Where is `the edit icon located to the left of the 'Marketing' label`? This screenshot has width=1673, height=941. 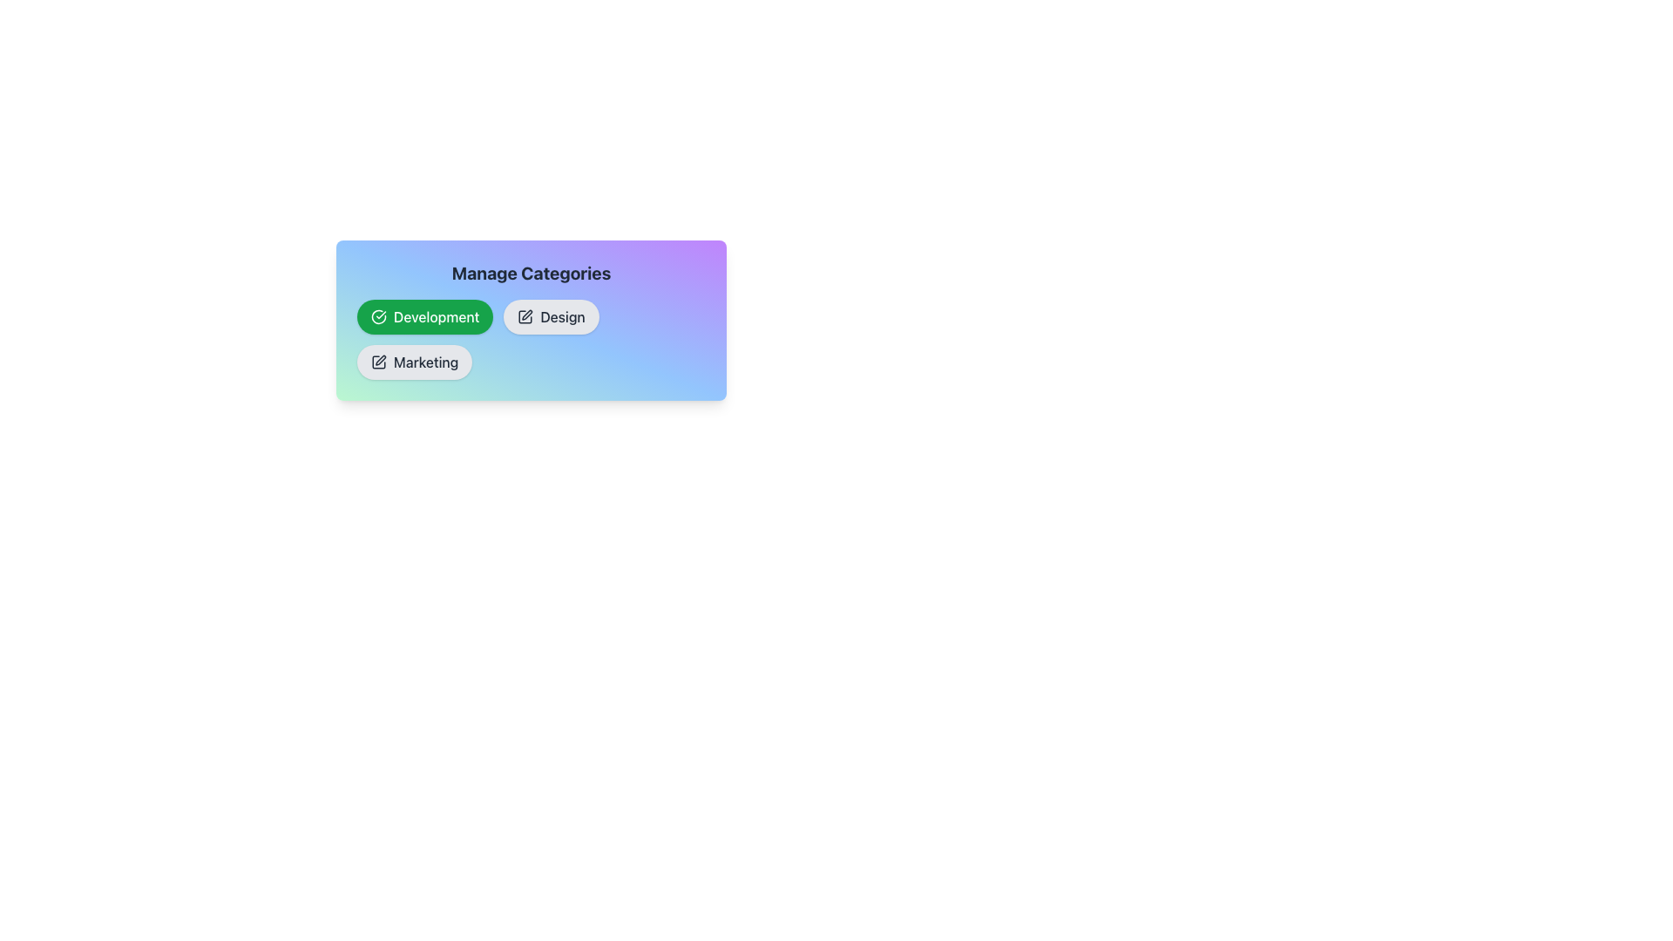 the edit icon located to the left of the 'Marketing' label is located at coordinates (378, 362).